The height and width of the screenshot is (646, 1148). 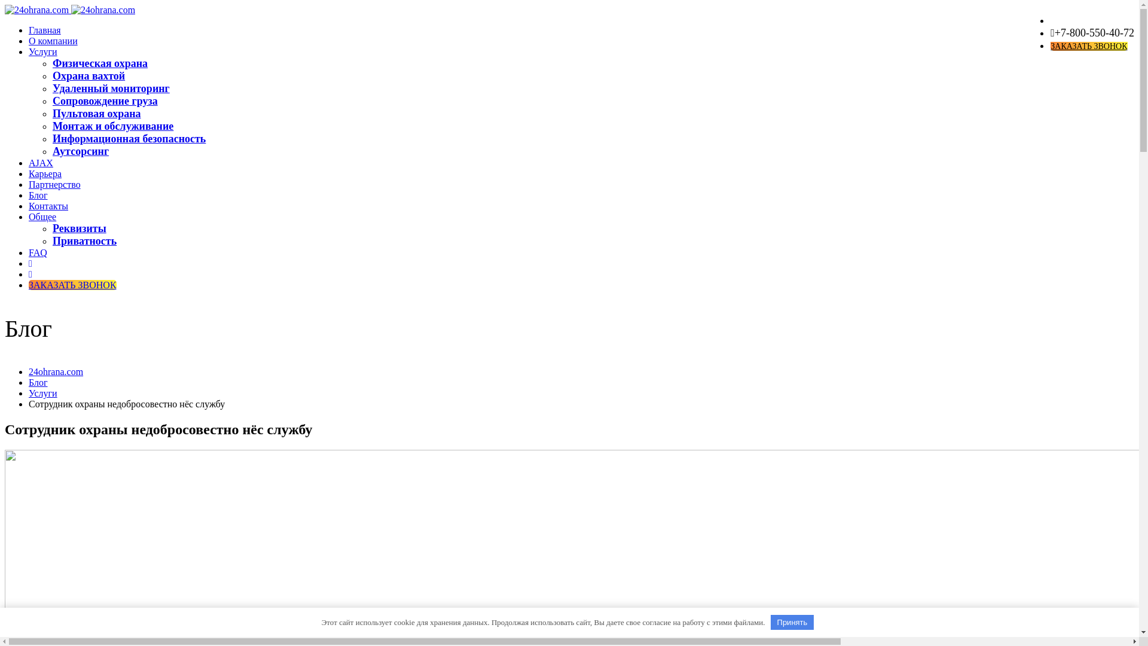 I want to click on '24ohrana.com', so click(x=55, y=371).